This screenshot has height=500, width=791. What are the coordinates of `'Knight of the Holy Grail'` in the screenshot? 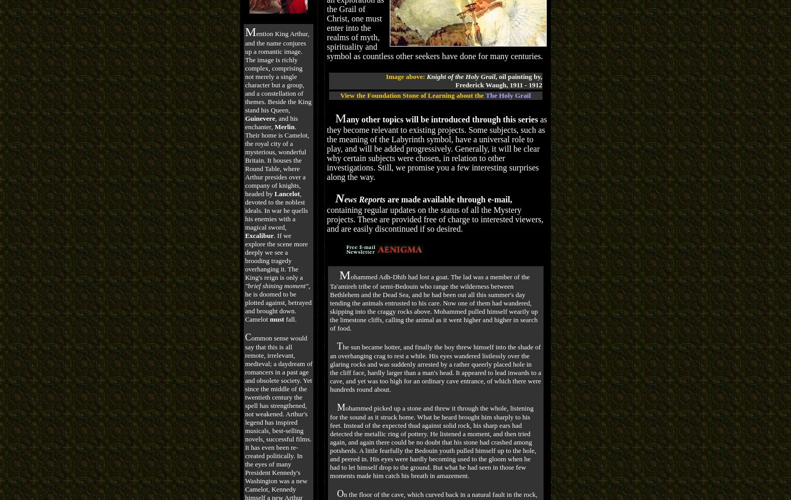 It's located at (461, 76).